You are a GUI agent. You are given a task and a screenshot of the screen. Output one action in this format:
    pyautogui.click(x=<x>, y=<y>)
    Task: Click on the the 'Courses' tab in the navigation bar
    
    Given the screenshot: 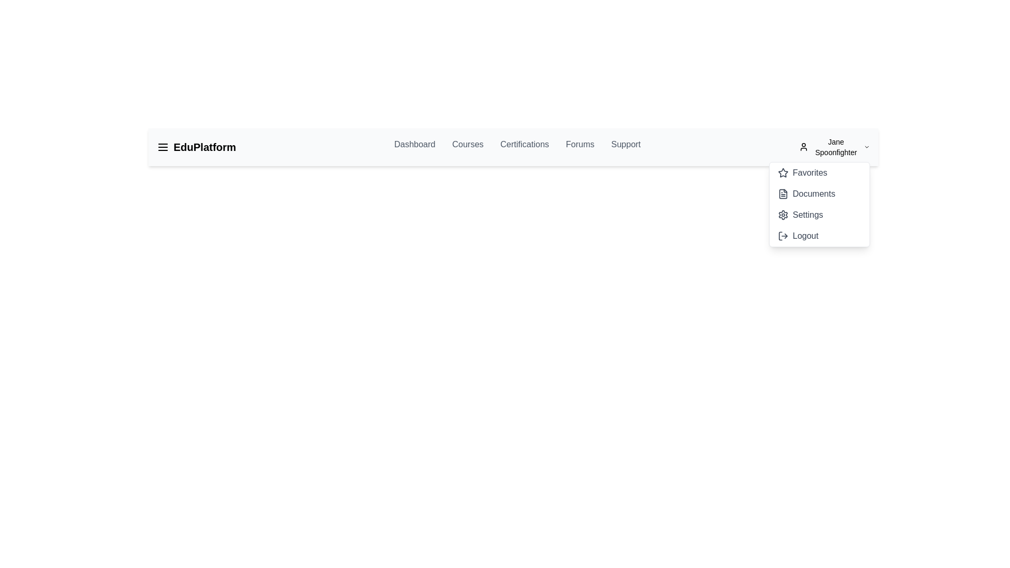 What is the action you would take?
    pyautogui.click(x=467, y=147)
    